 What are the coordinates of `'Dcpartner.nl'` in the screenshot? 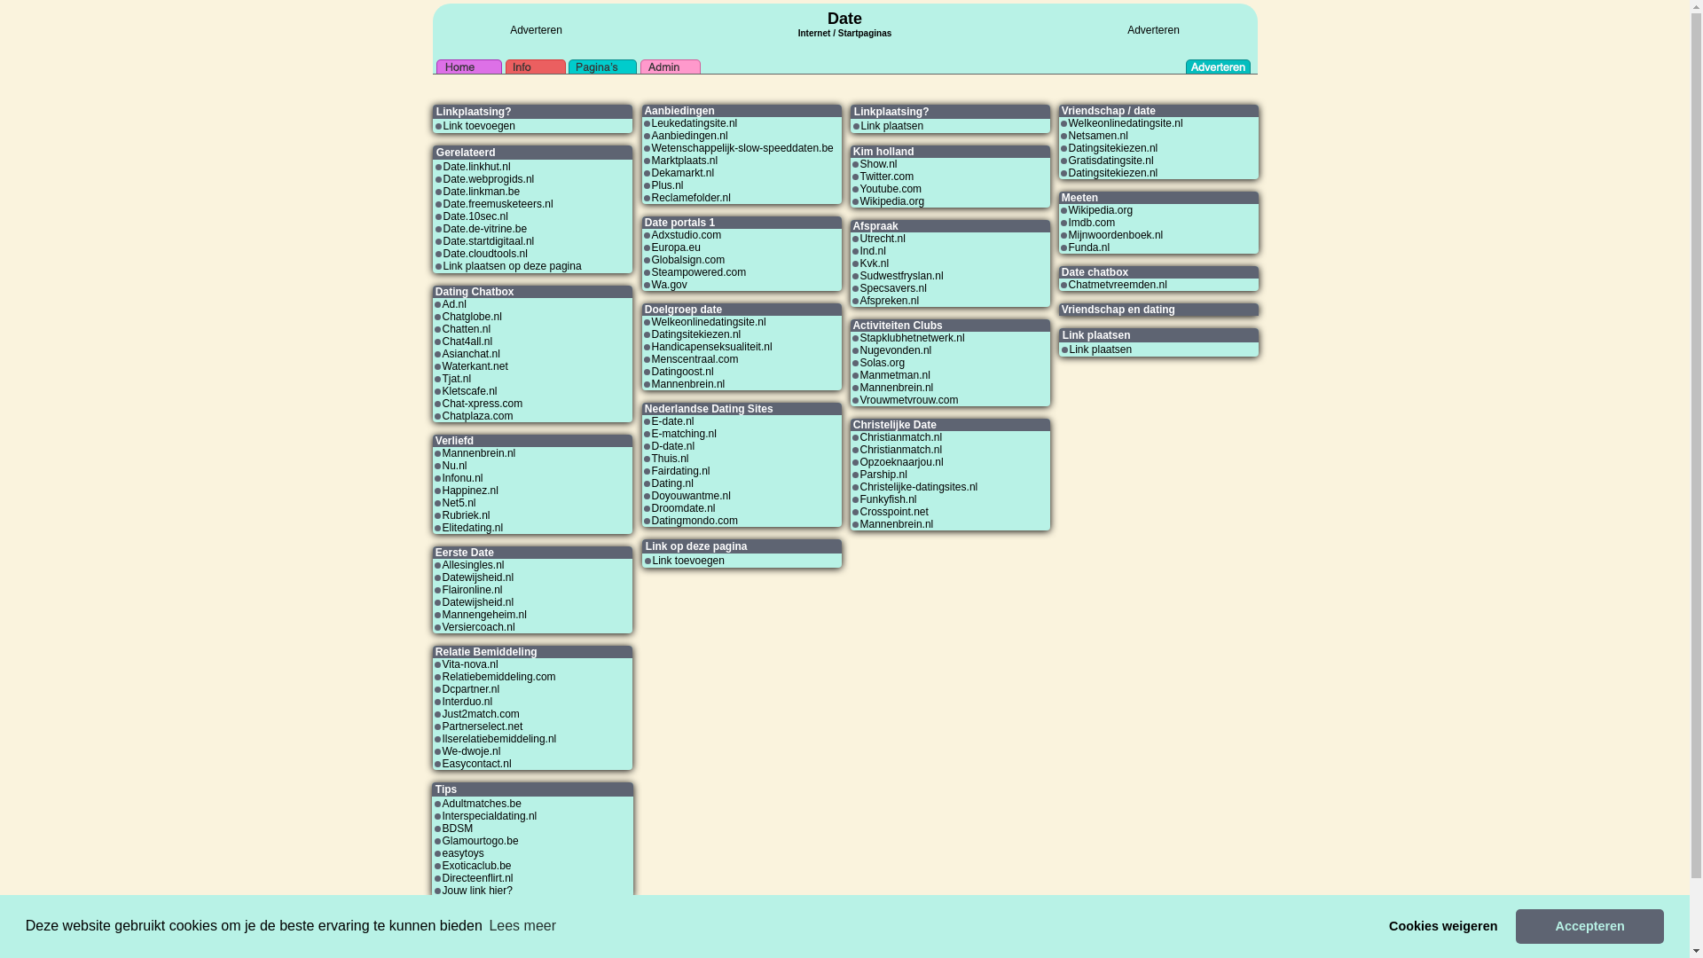 It's located at (442, 687).